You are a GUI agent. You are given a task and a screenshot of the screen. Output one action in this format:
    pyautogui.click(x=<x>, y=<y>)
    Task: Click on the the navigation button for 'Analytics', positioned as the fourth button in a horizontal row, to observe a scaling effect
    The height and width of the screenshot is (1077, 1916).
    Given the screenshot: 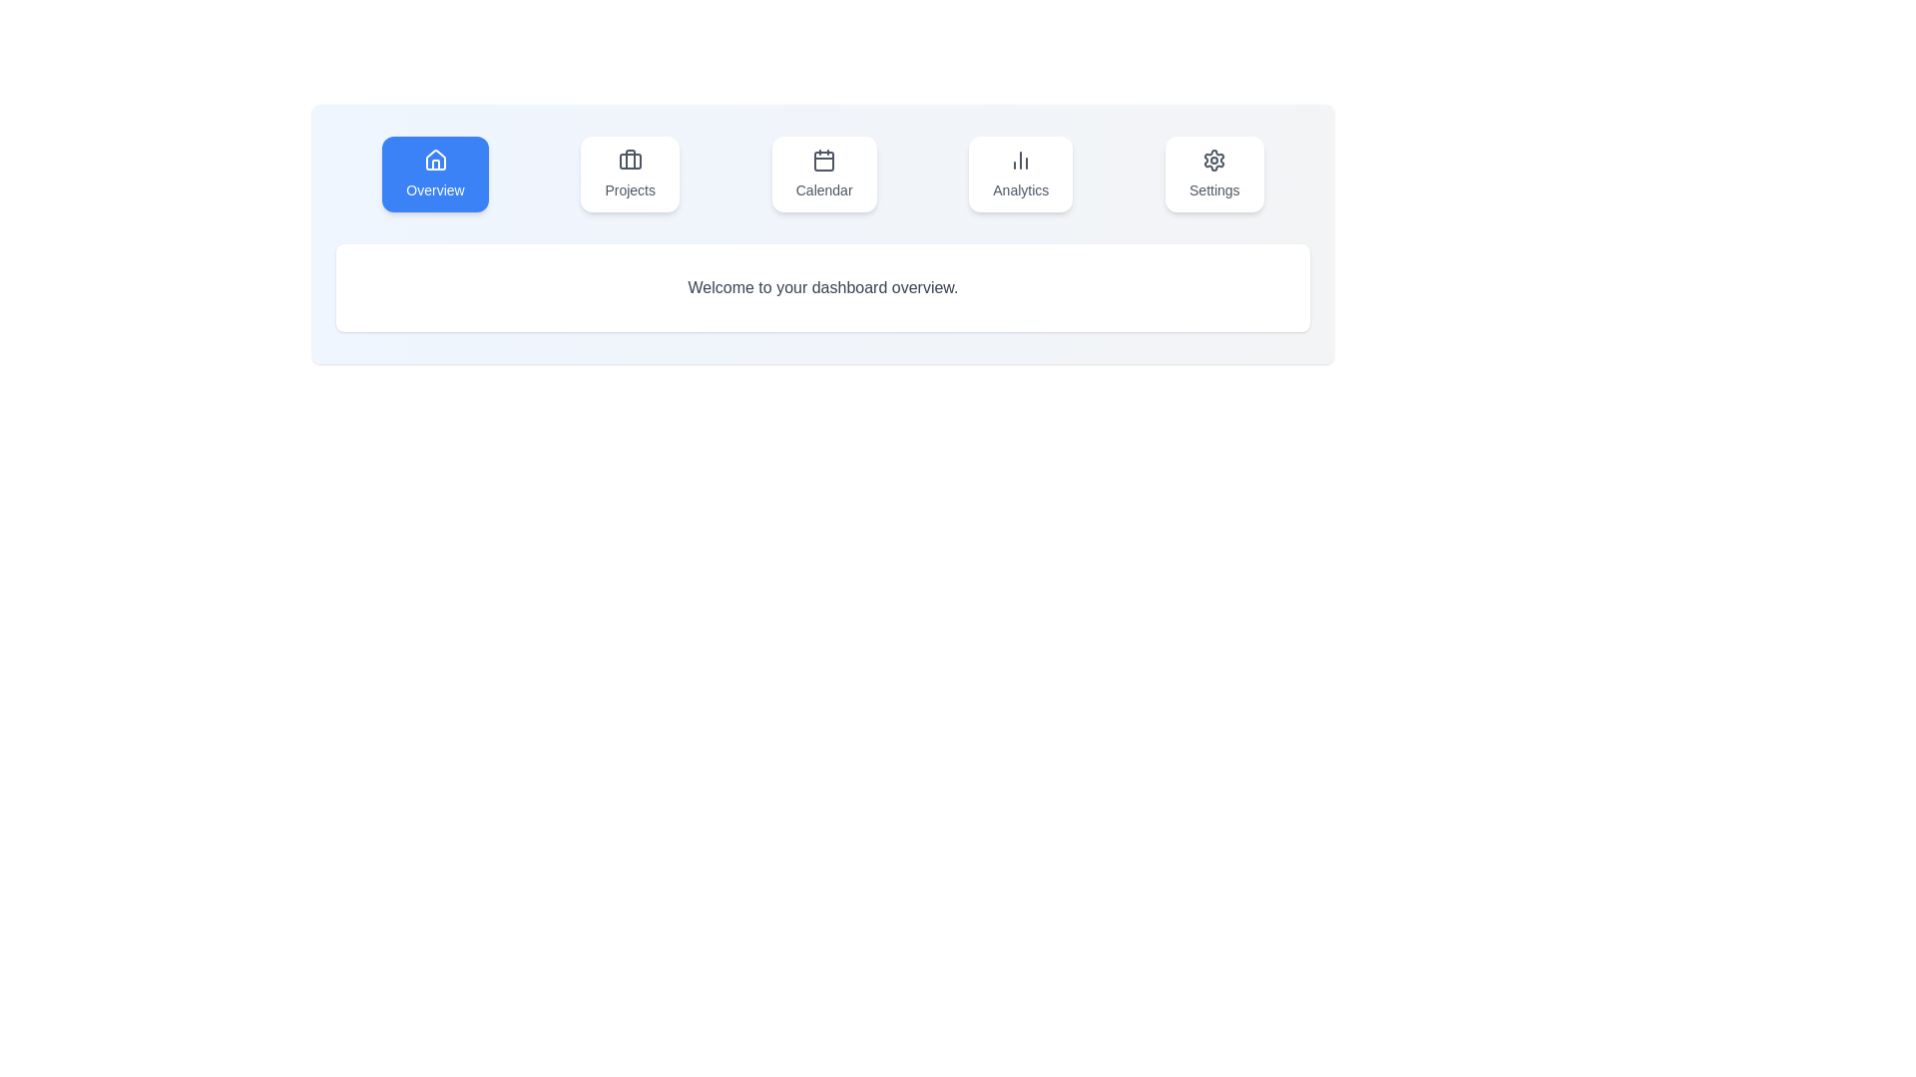 What is the action you would take?
    pyautogui.click(x=1021, y=173)
    